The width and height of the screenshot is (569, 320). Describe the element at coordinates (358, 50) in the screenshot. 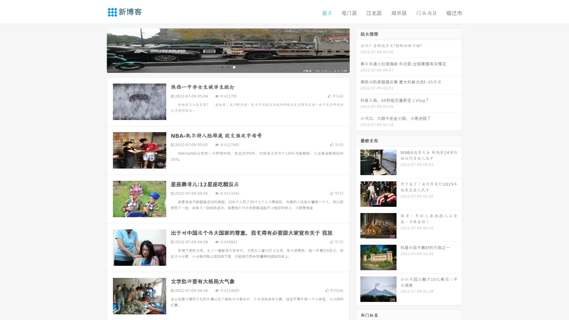

I see `Next slide` at that location.